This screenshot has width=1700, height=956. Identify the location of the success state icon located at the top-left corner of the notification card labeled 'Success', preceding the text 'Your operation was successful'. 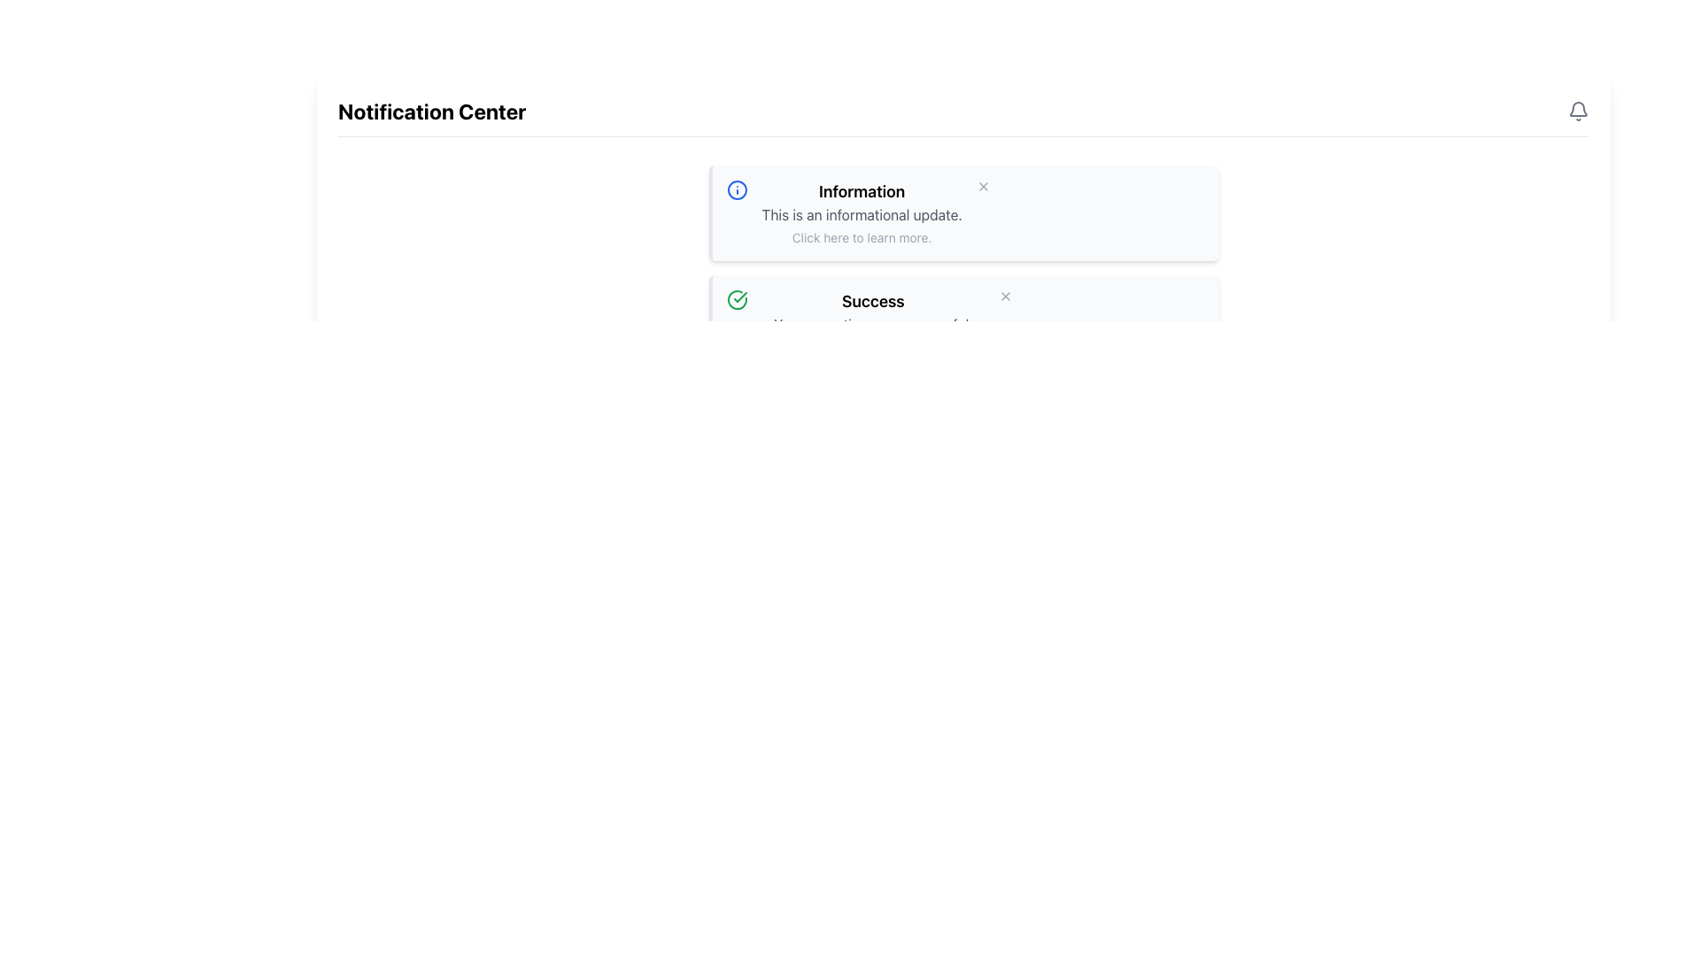
(737, 299).